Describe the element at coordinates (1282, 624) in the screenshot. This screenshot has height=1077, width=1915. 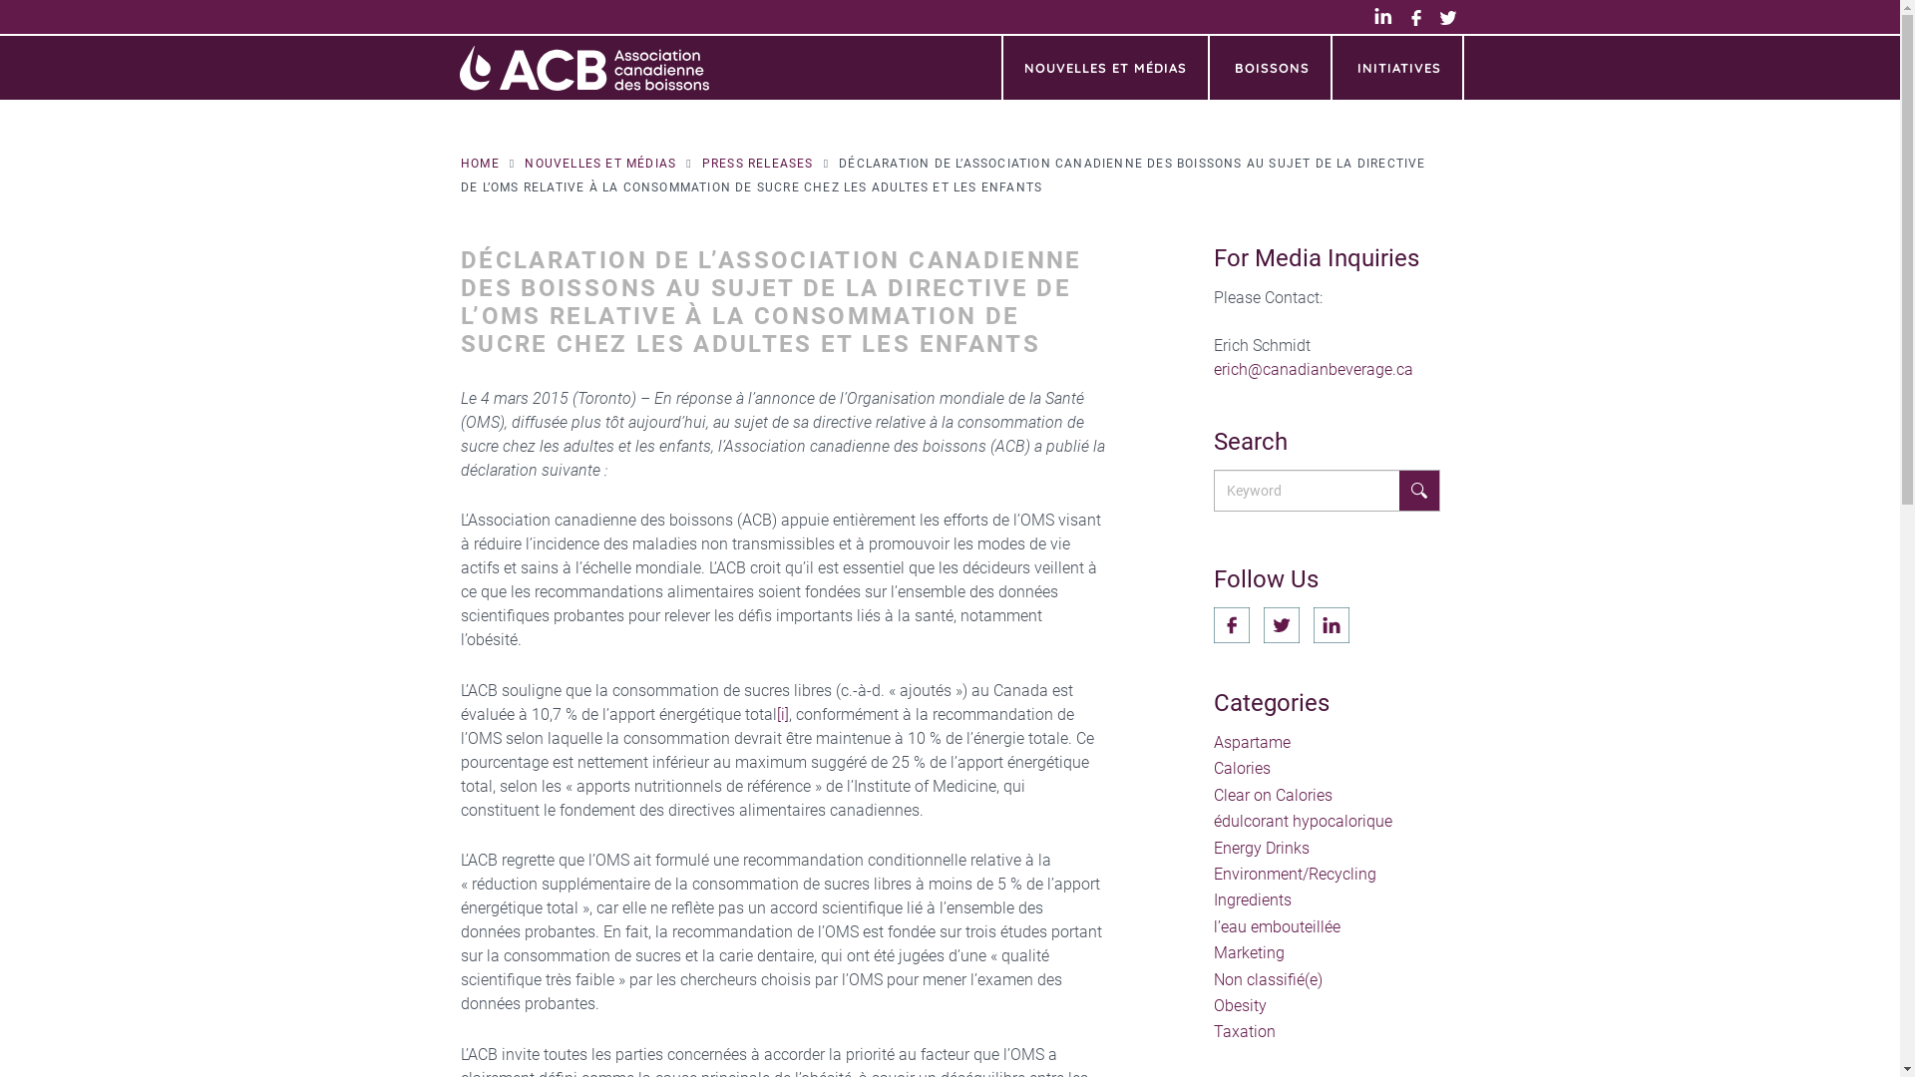
I see `'Follow us on Twitter'` at that location.